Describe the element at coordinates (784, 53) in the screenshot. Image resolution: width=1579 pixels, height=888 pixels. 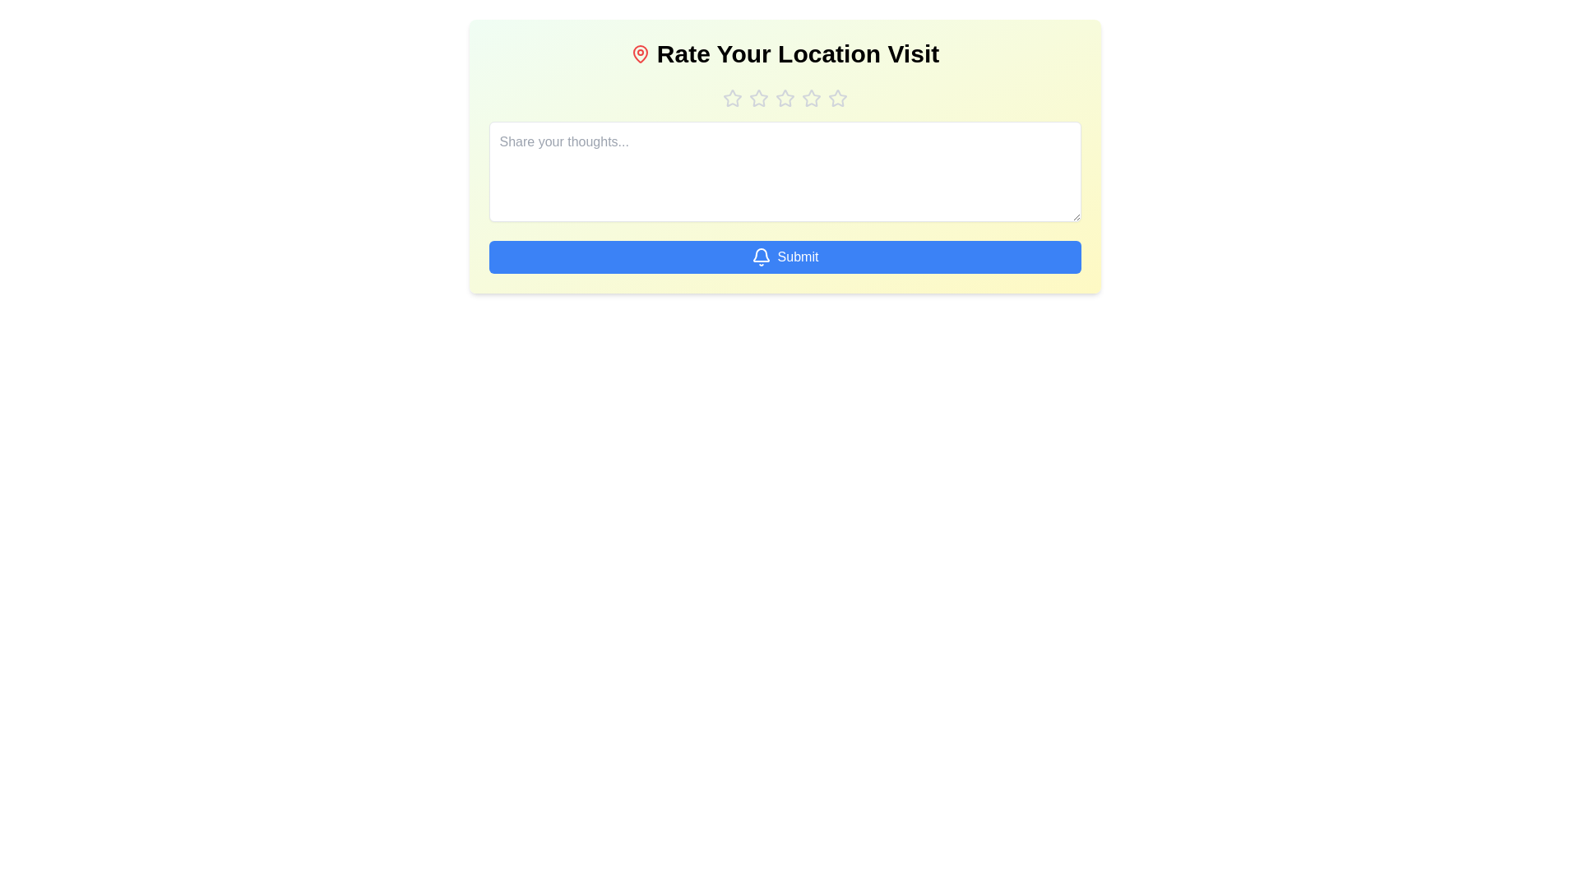
I see `the text 'Rate Your Location Visit'` at that location.